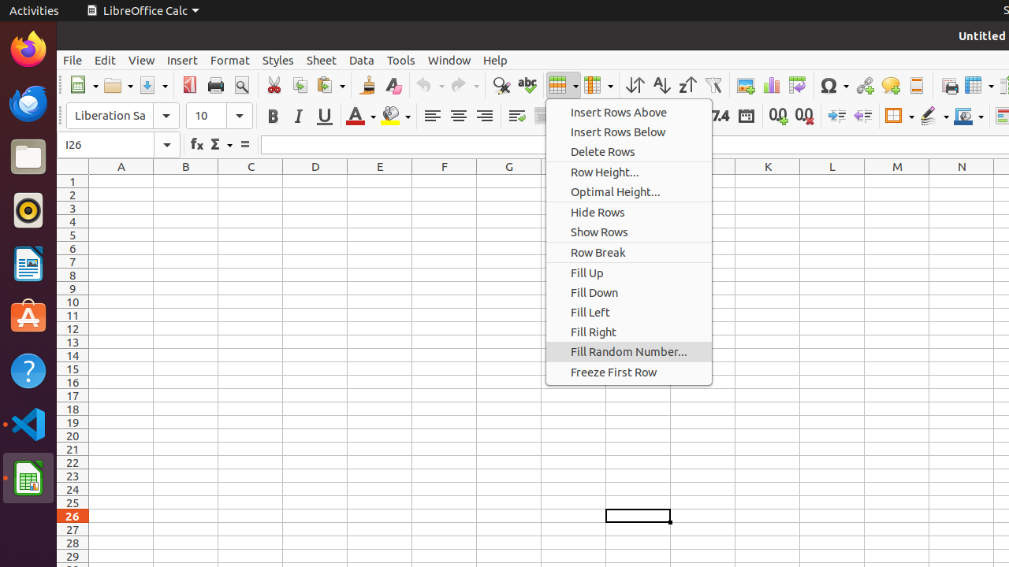 The image size is (1009, 567). Describe the element at coordinates (28, 48) in the screenshot. I see `'Firefox Web Browser'` at that location.